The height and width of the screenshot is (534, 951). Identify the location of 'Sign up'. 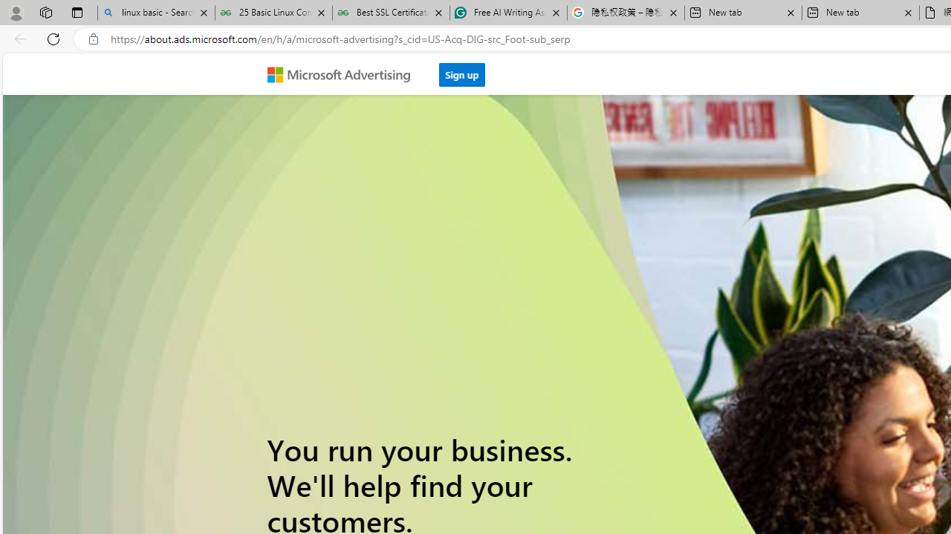
(461, 70).